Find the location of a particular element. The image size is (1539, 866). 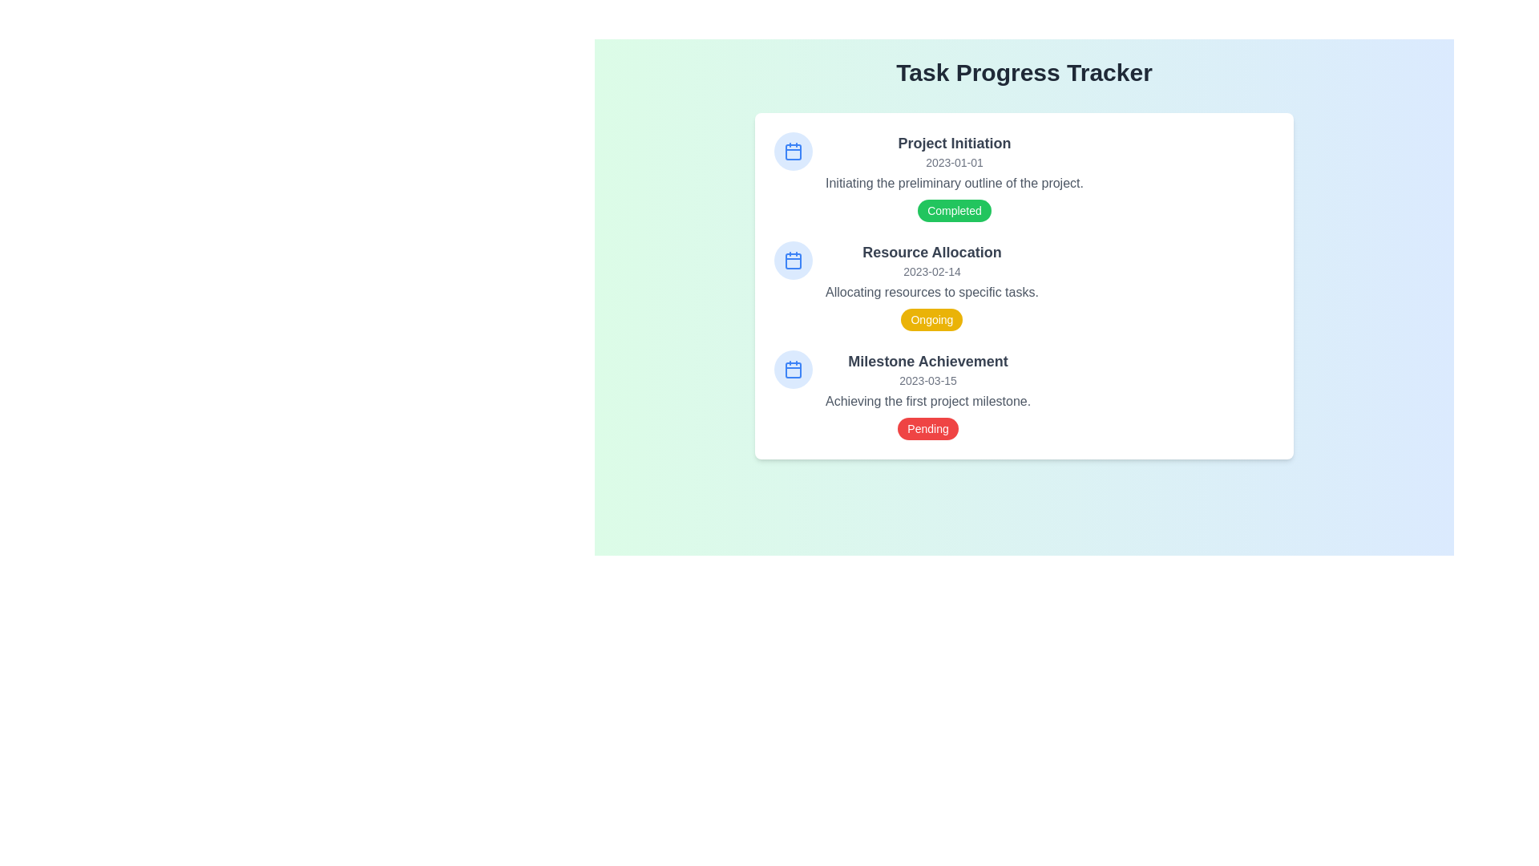

the text element reading 'Initiating the preliminary outline of the project.' located below the date '2023-01-01' in the 'Project Initiation' section is located at coordinates (954, 182).